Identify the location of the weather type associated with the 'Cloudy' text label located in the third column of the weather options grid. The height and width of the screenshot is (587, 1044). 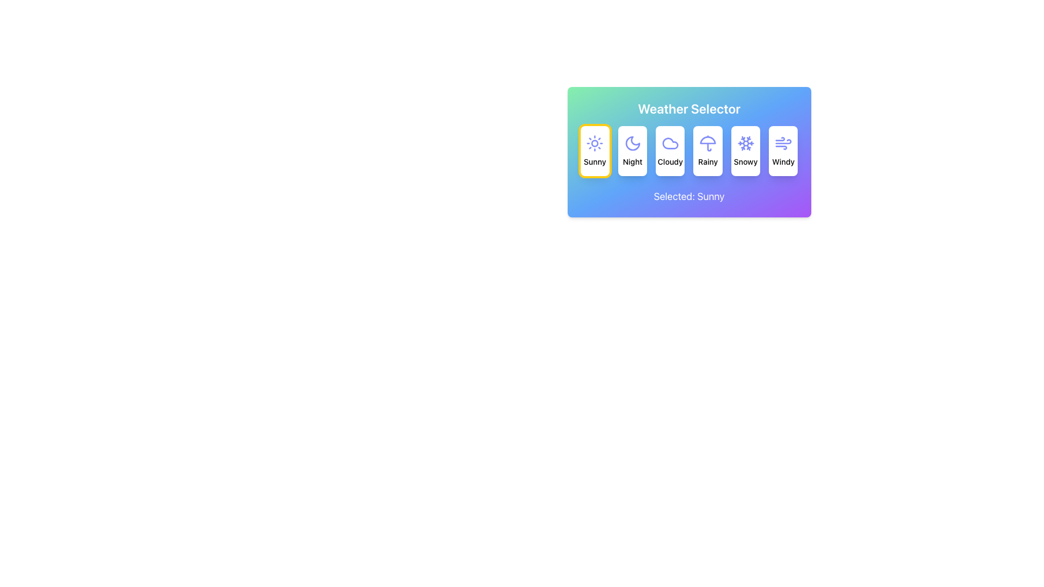
(669, 161).